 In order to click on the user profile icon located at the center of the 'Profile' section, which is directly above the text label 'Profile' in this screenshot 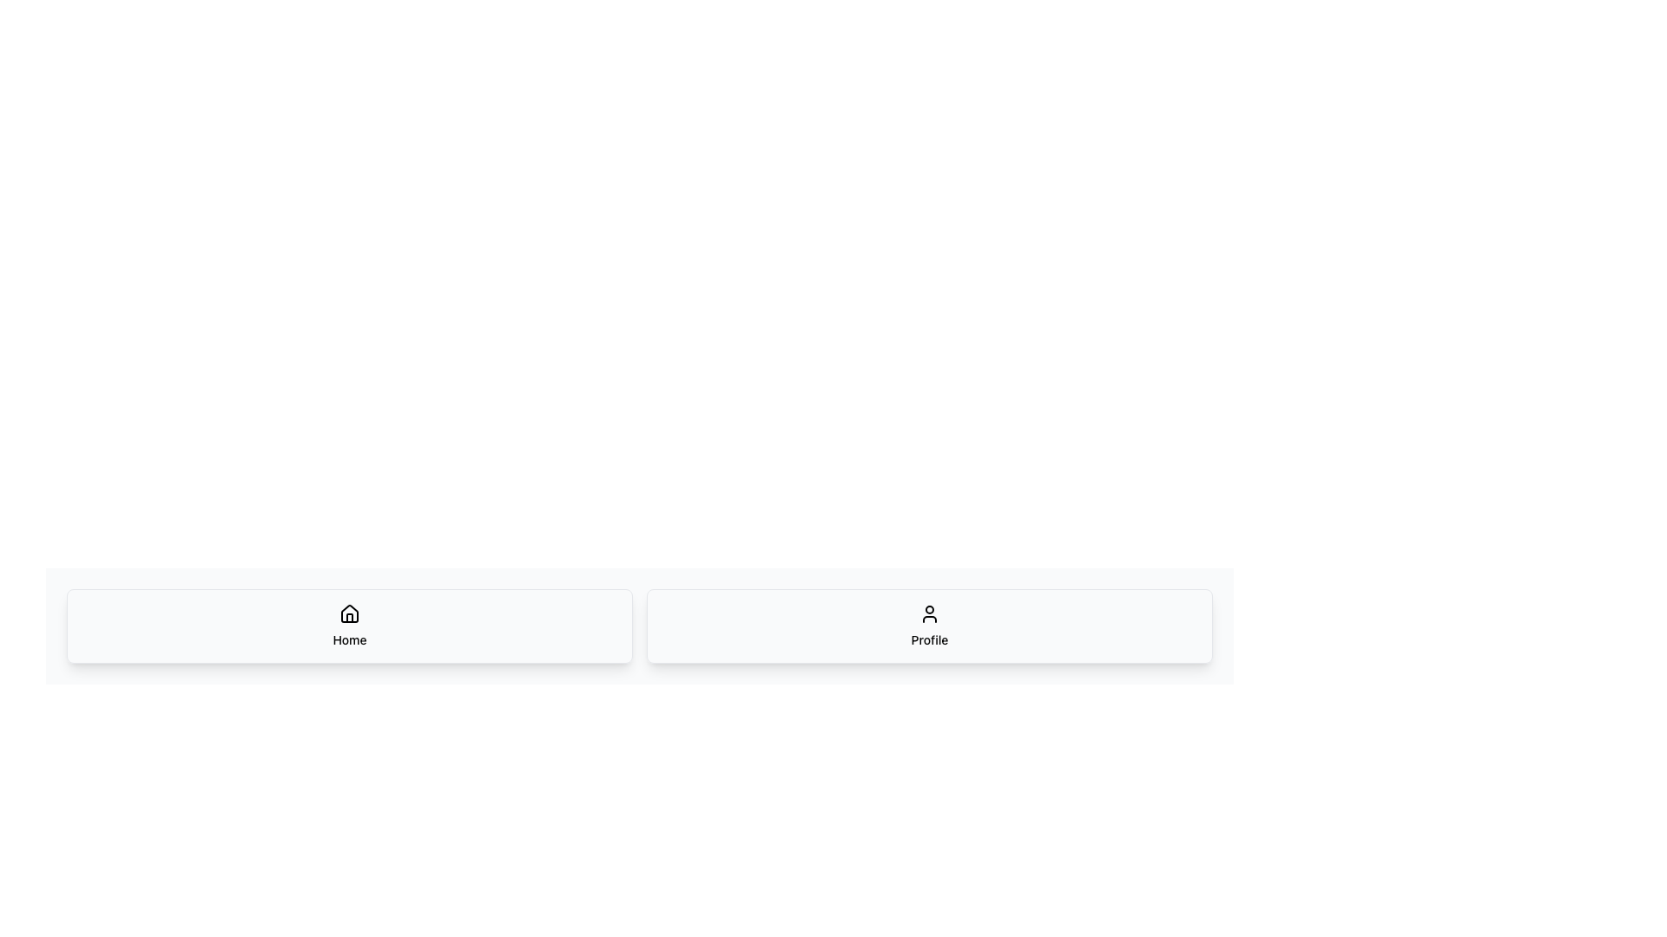, I will do `click(928, 613)`.